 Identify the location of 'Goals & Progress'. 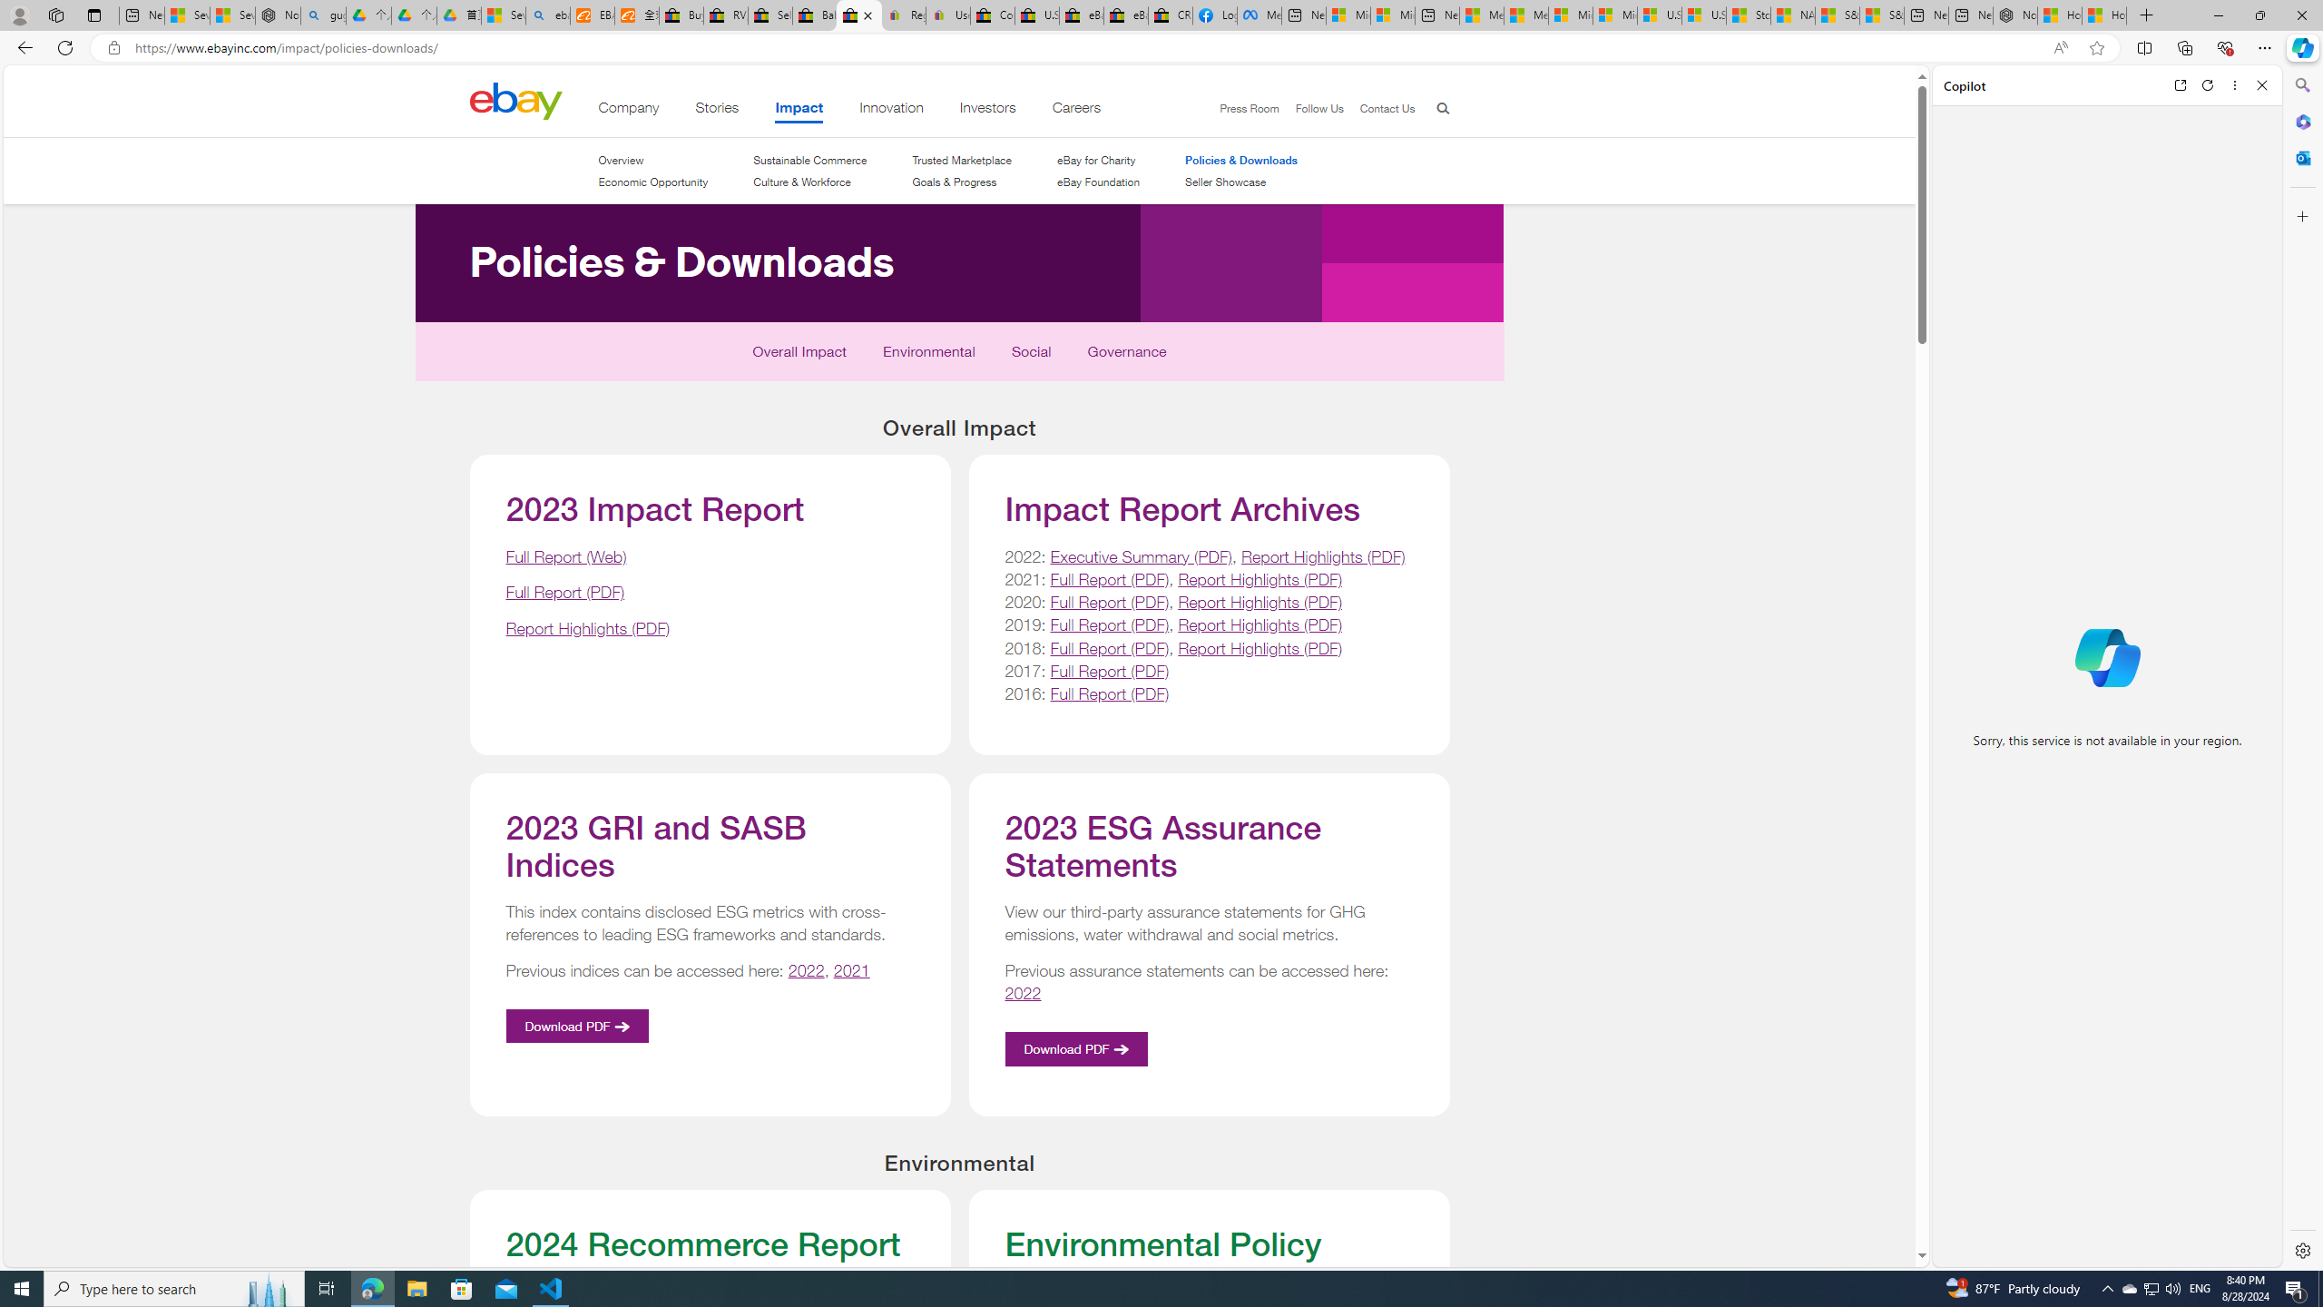
(962, 181).